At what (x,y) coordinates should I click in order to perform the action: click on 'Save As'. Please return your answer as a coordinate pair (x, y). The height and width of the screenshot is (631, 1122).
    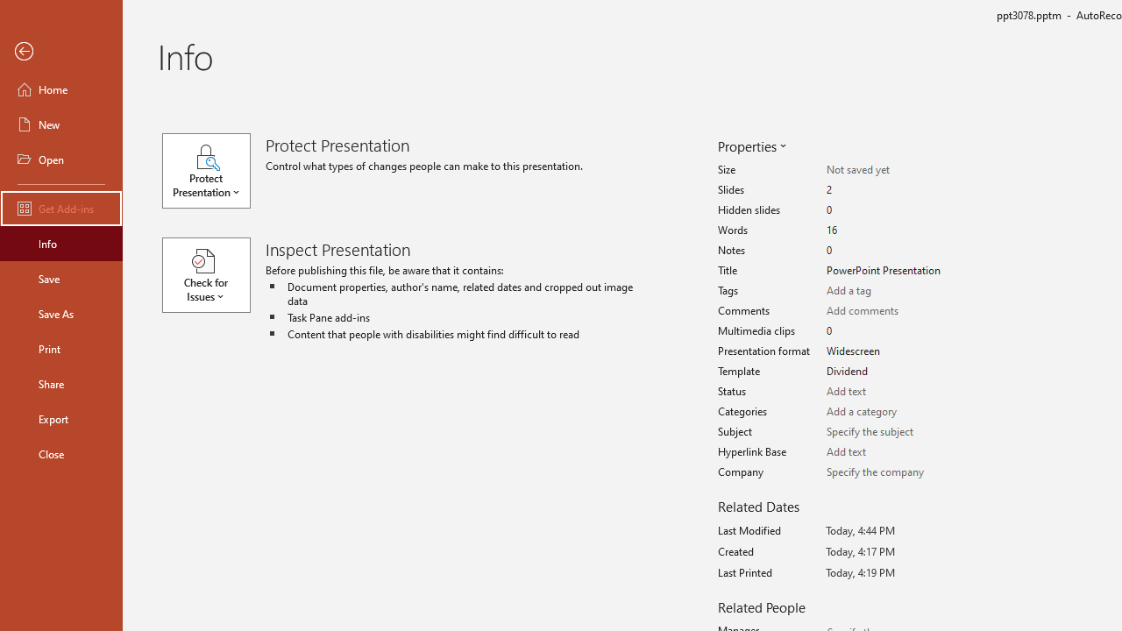
    Looking at the image, I should click on (60, 312).